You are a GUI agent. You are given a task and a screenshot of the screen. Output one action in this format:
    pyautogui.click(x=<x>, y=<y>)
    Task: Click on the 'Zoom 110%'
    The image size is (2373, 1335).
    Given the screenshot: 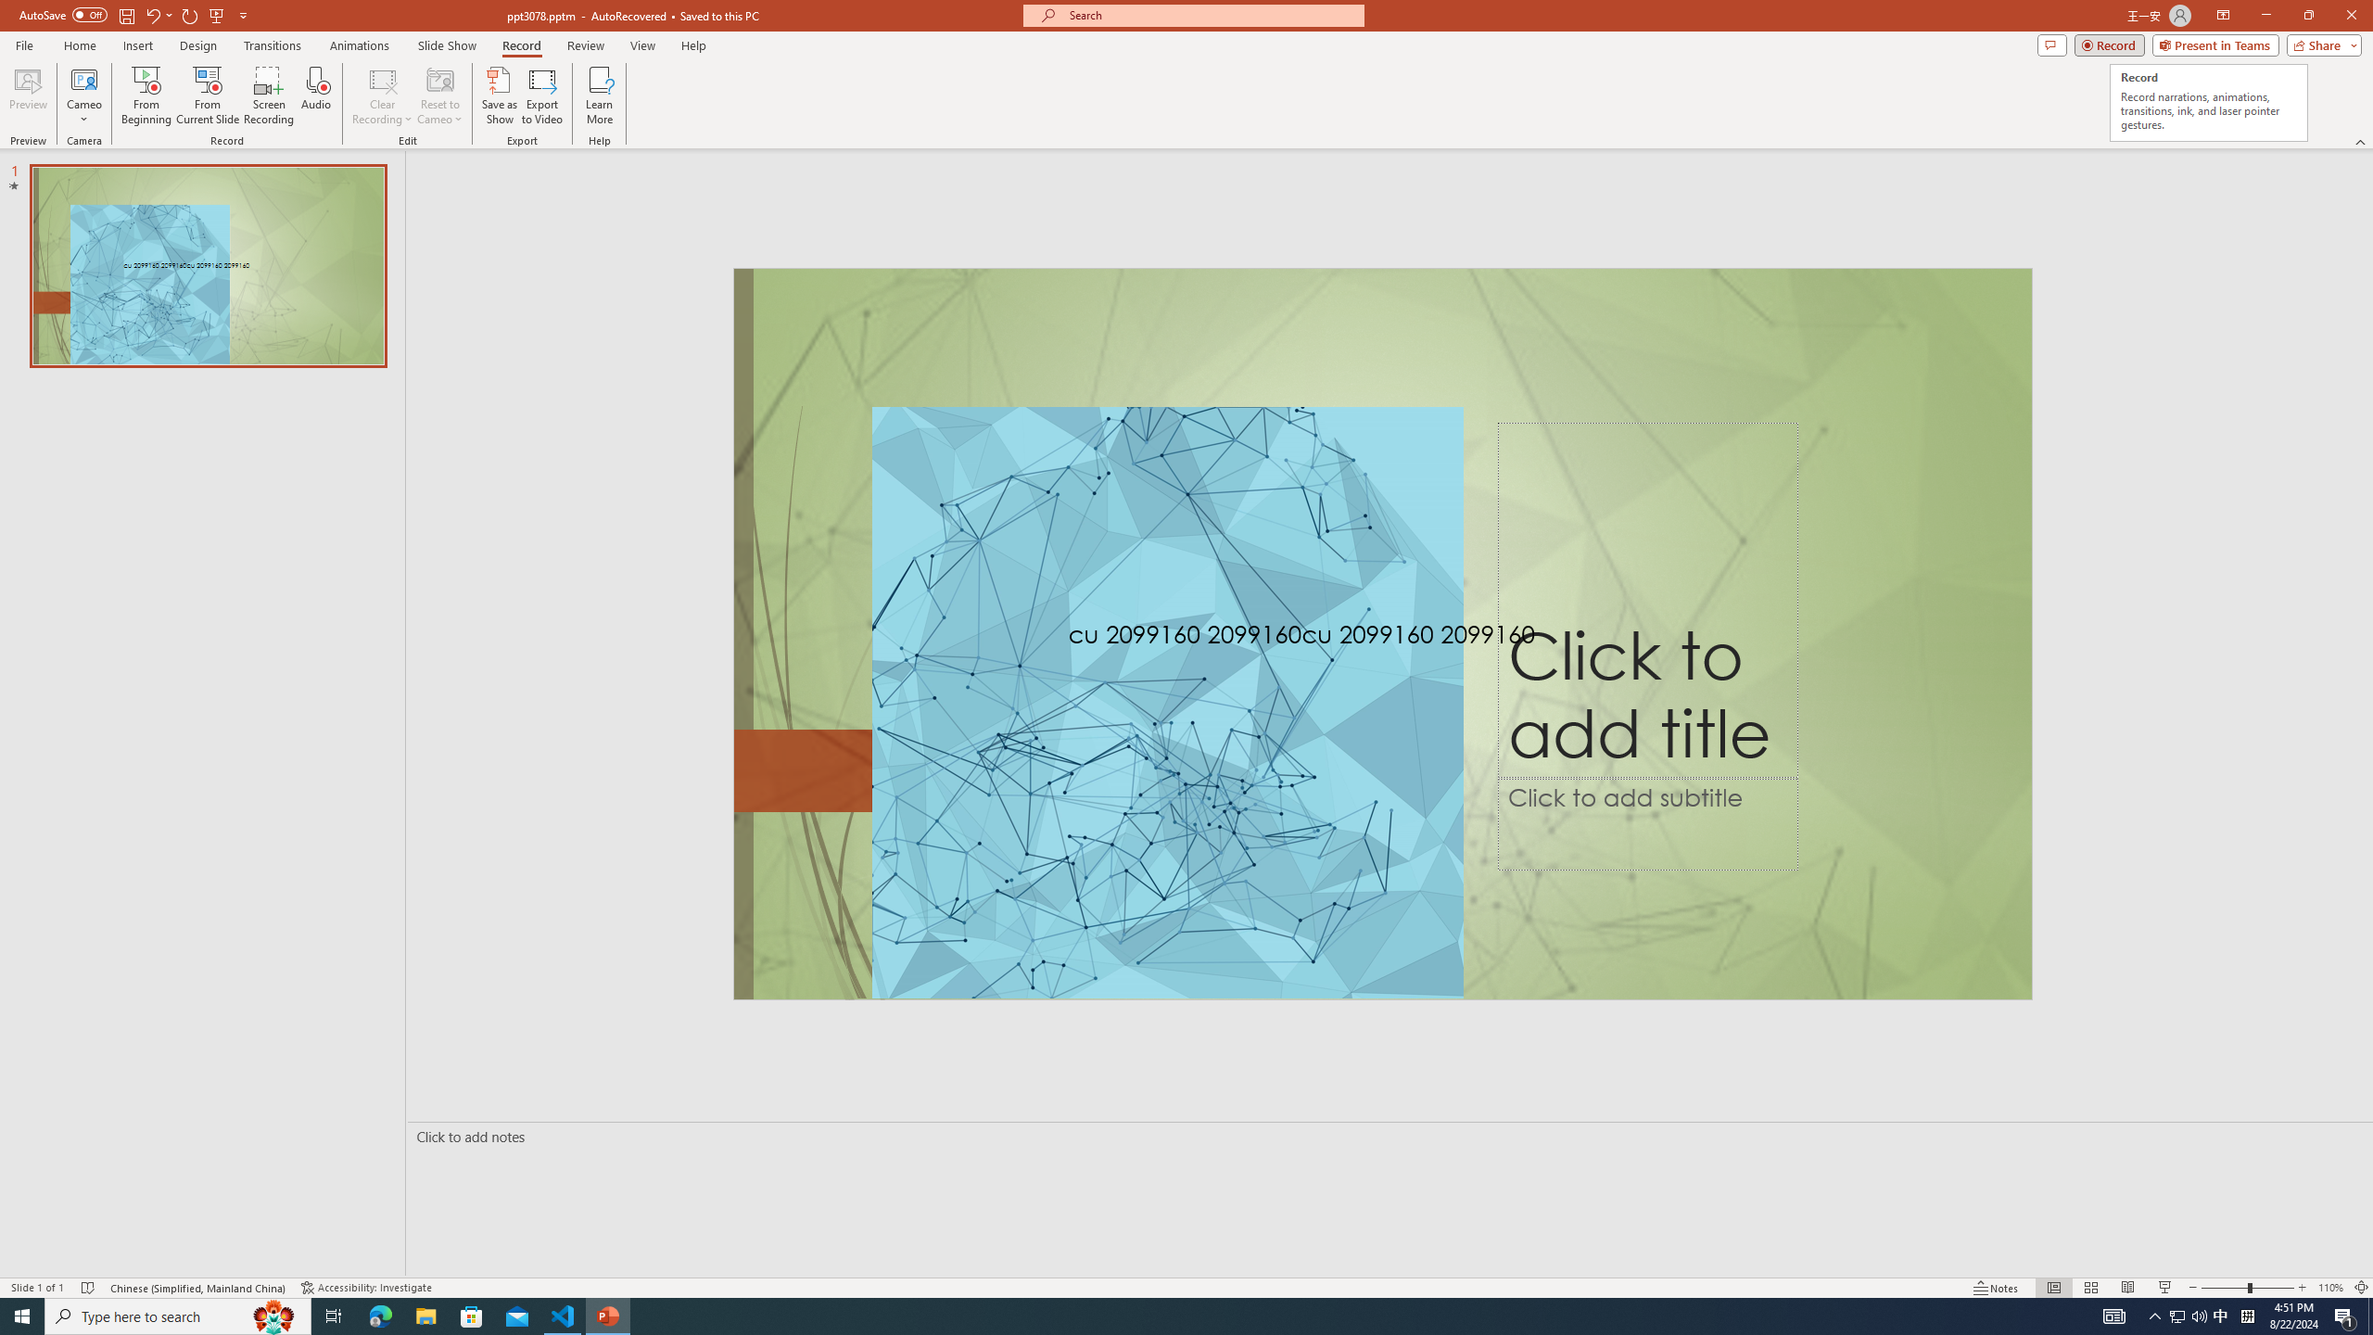 What is the action you would take?
    pyautogui.click(x=2331, y=1288)
    